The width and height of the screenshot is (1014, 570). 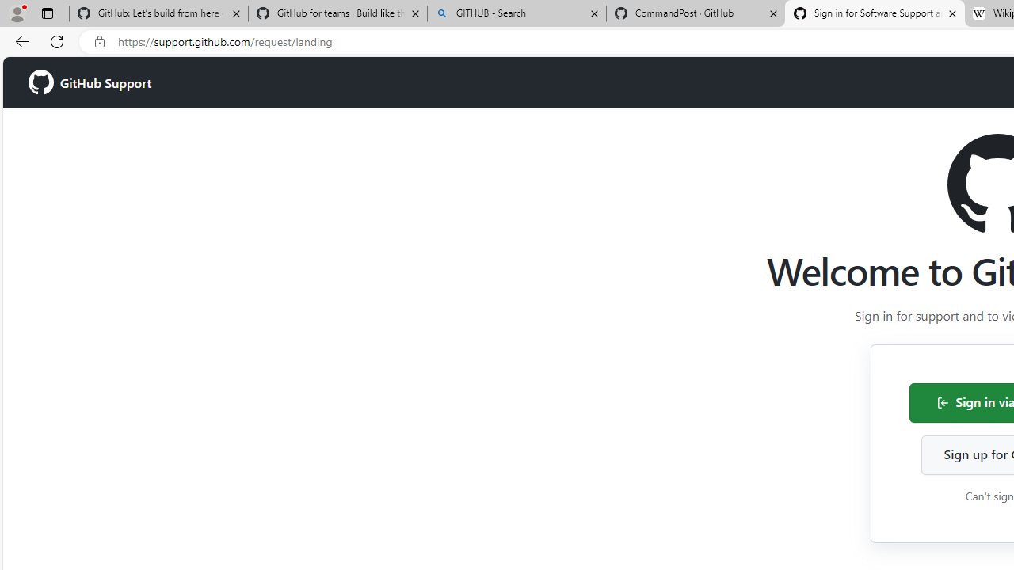 What do you see at coordinates (517, 13) in the screenshot?
I see `'GITHUB - Search'` at bounding box center [517, 13].